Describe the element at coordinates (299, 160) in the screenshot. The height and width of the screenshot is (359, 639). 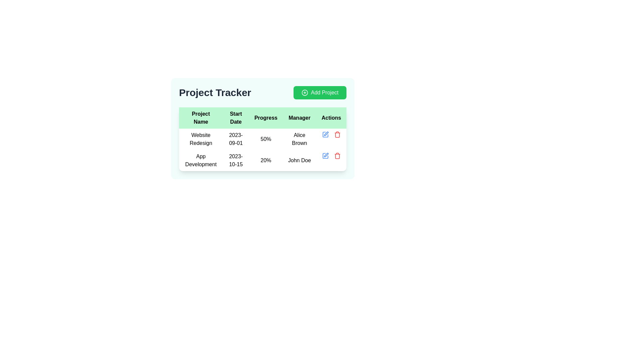
I see `the text label displaying the manager's name for the 'App Development' project` at that location.